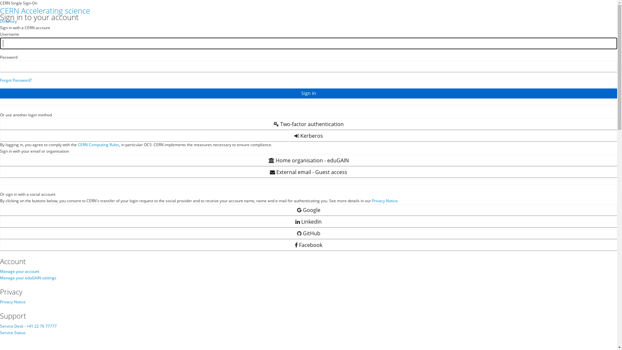  I want to click on 'Forgot Password?', so click(16, 80).